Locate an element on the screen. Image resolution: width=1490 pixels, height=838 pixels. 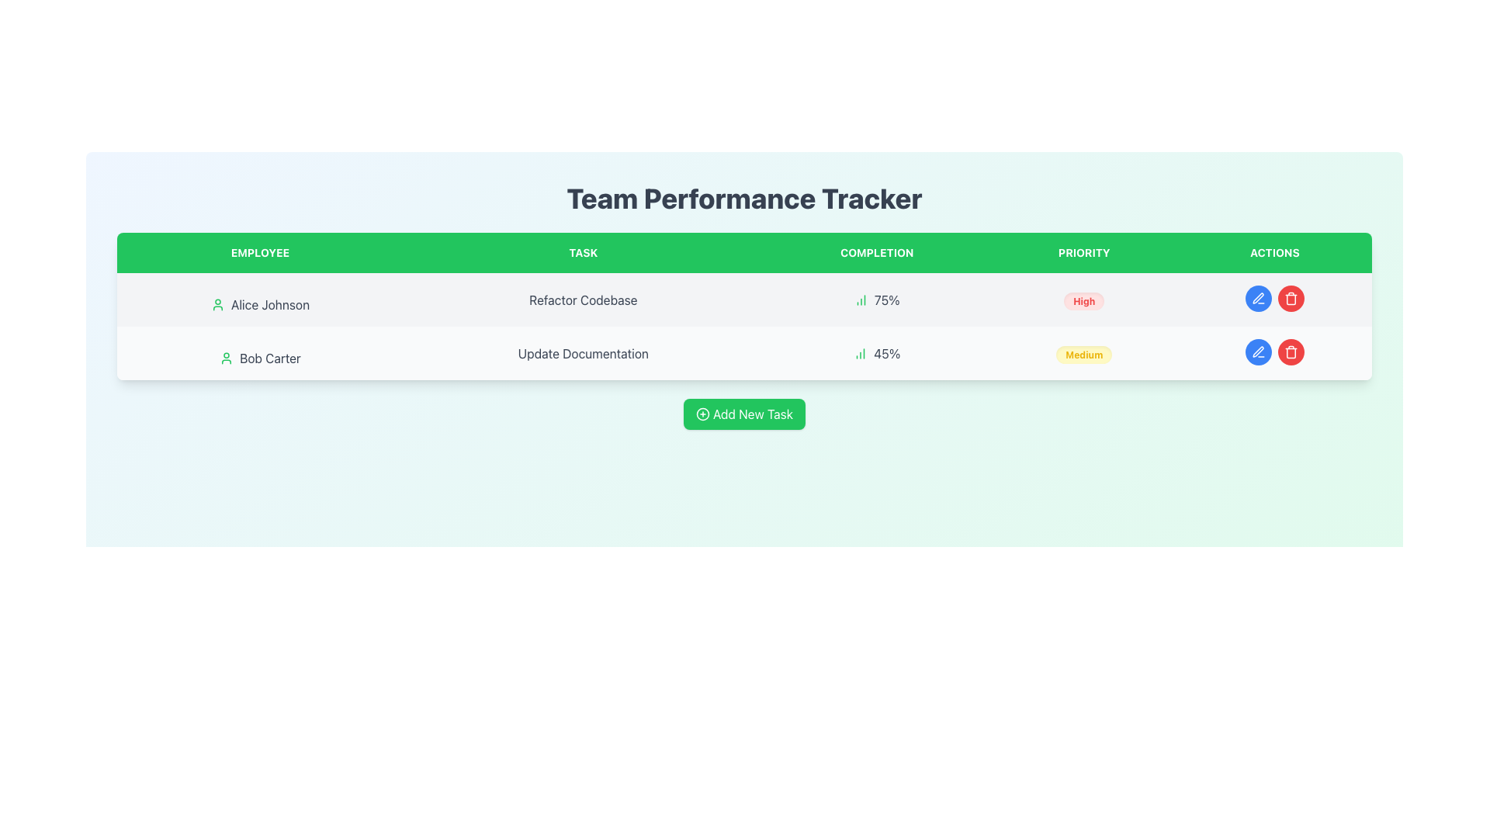
the edit button in the Actions column of the second row for Bob Carter is located at coordinates (1258, 299).